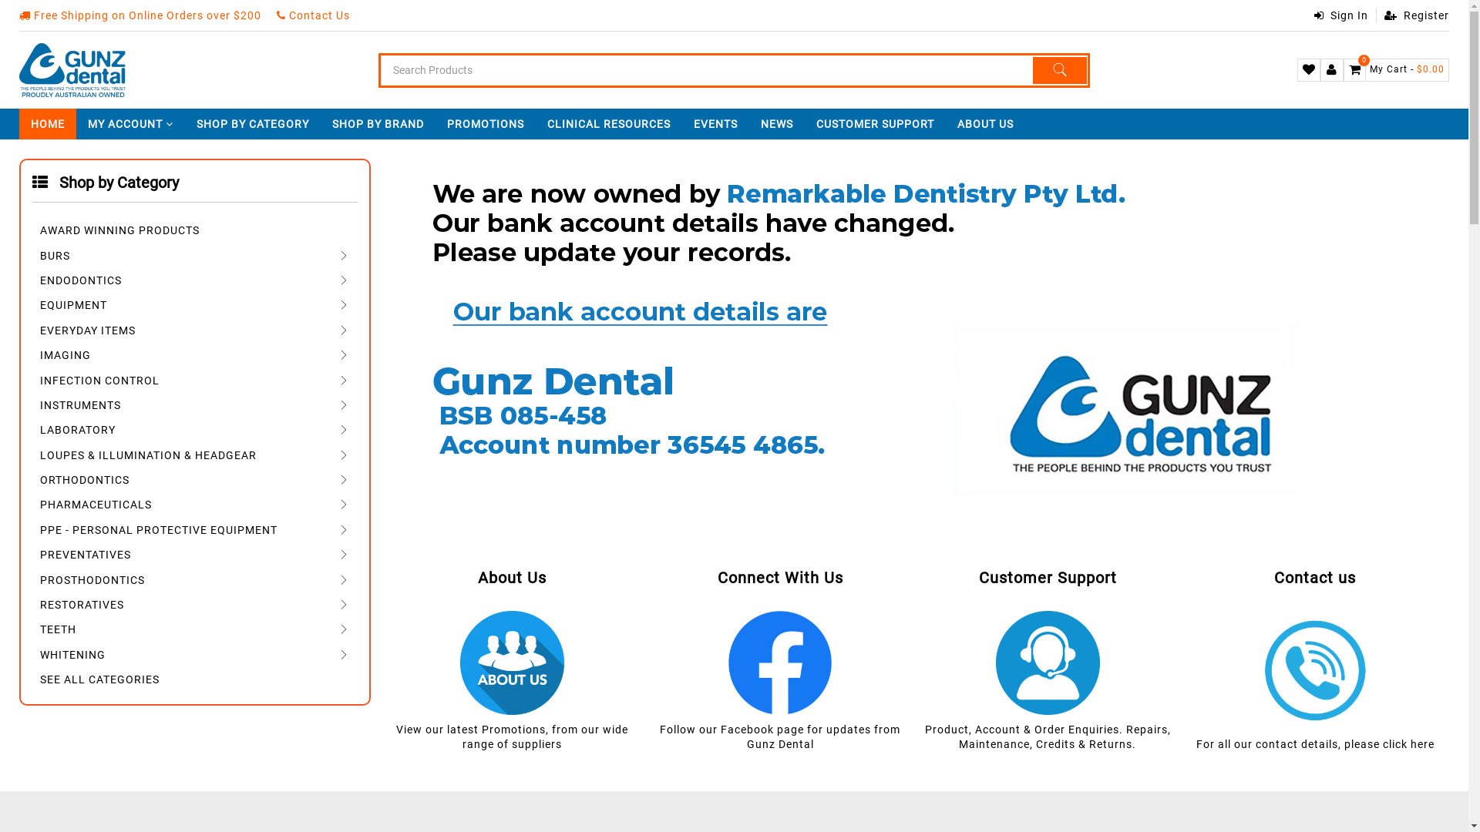 This screenshot has height=832, width=1480. I want to click on 'PROMOTIONS', so click(484, 123).